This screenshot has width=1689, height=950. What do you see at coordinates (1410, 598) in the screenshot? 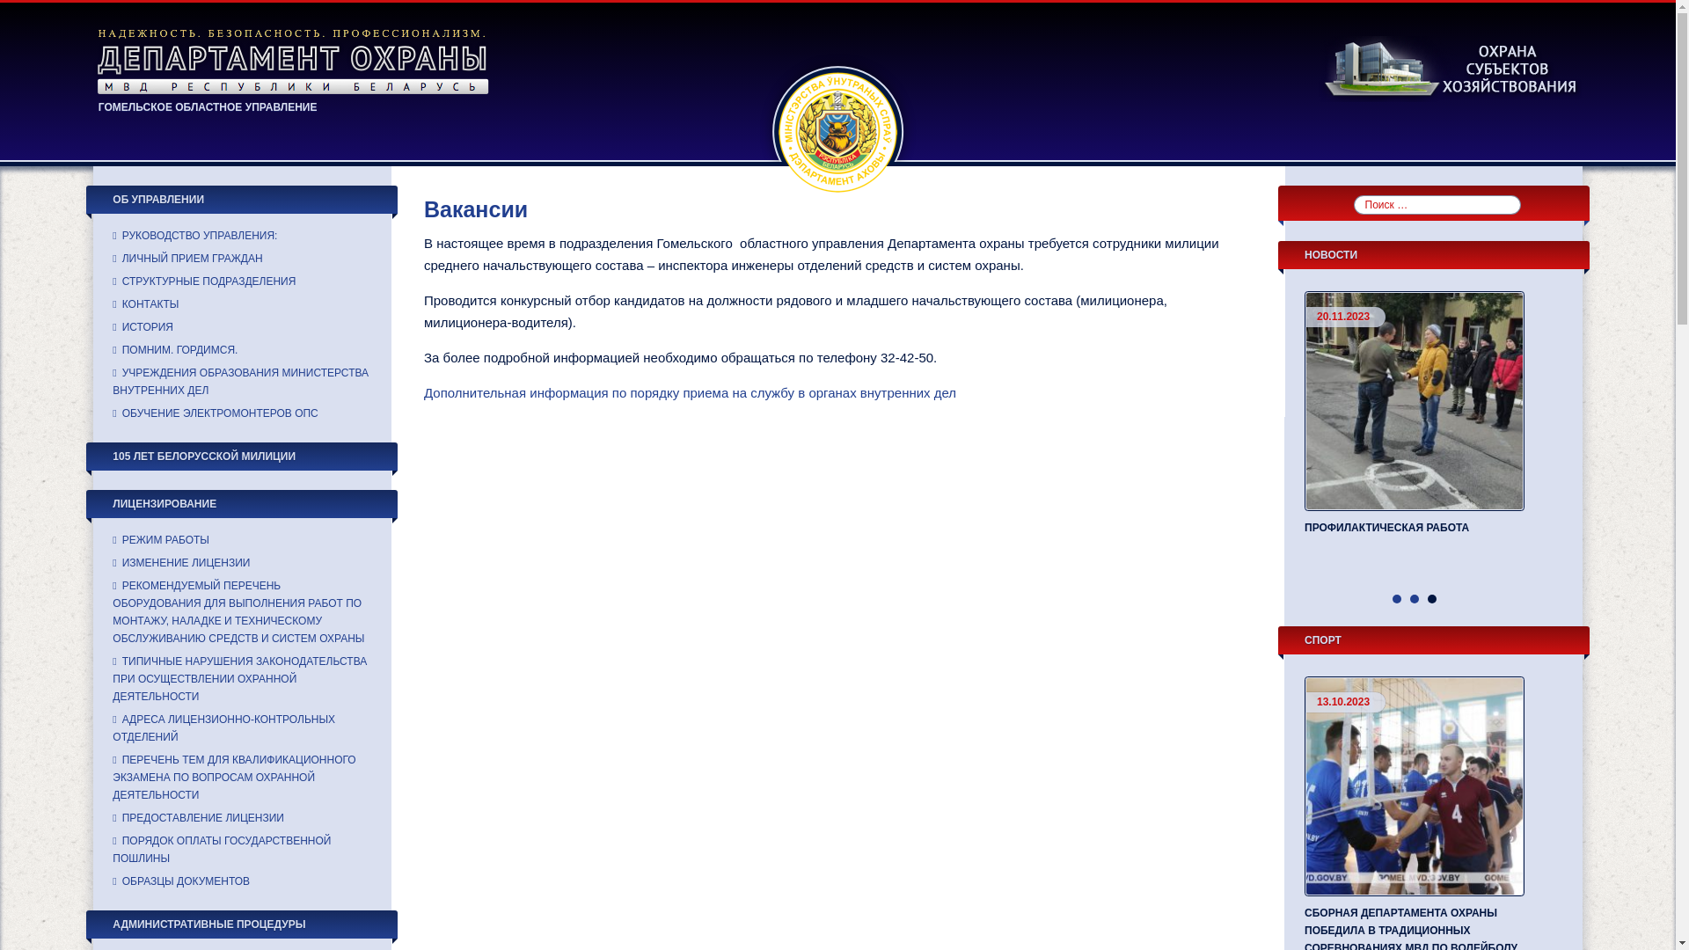
I see `'2'` at bounding box center [1410, 598].